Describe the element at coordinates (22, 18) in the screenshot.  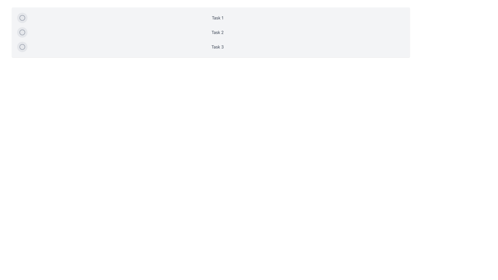
I see `the selectable toggle button located to the left of the 'Task 1' label` at that location.